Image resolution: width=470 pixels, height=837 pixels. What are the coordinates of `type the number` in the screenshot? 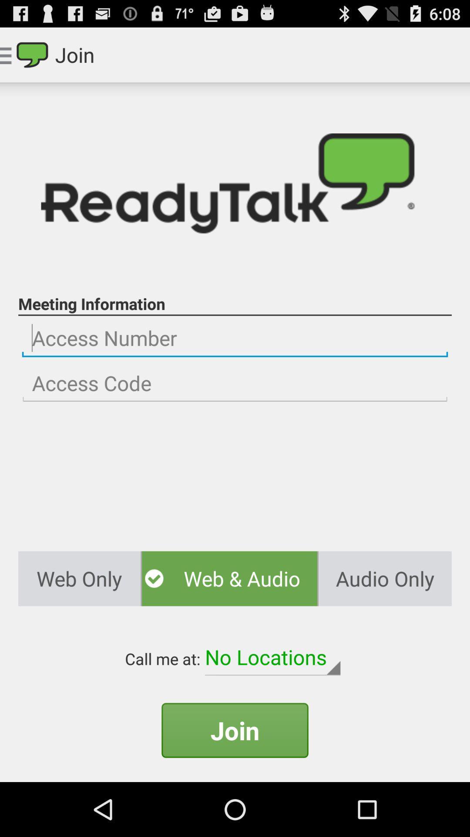 It's located at (235, 383).